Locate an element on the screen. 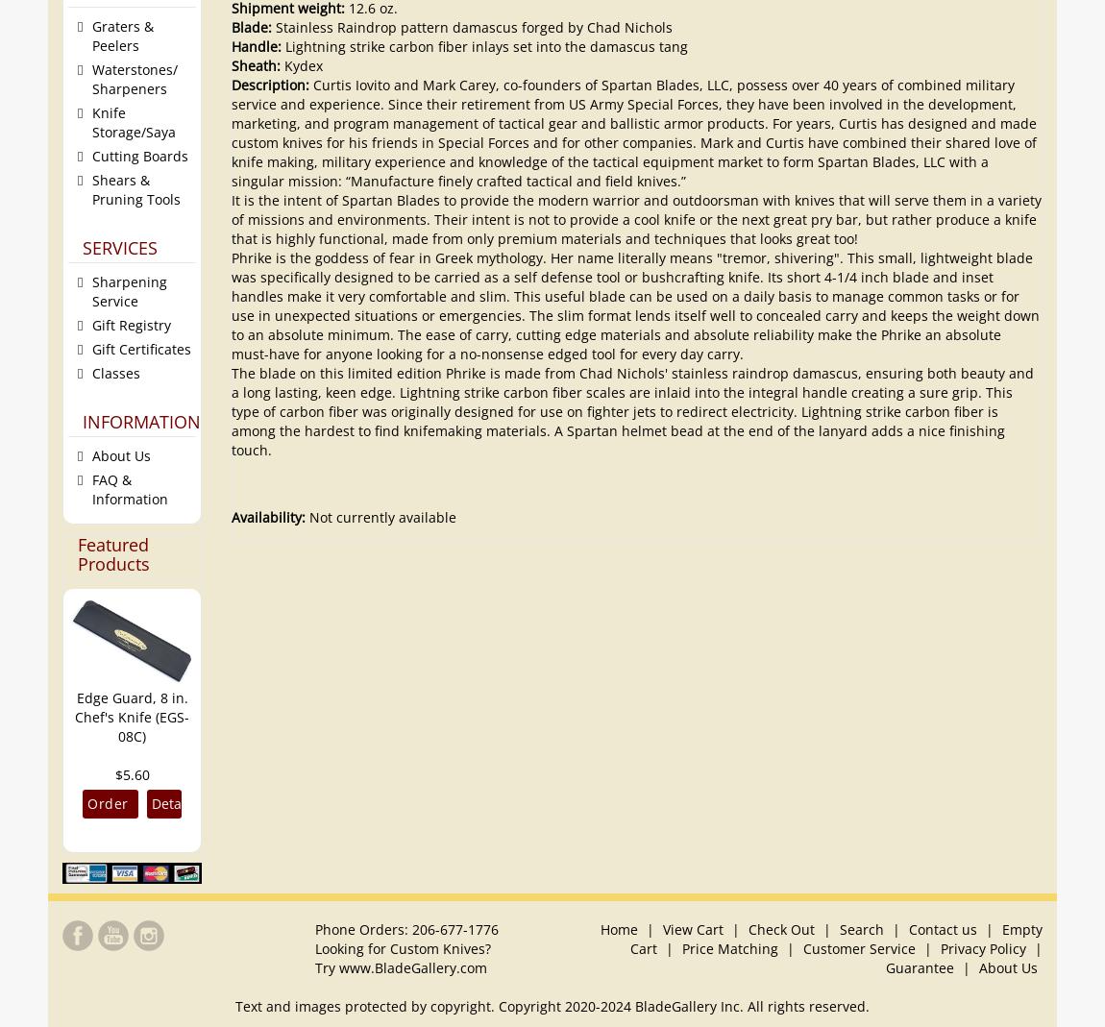 The image size is (1105, 1027). 'Contact us' is located at coordinates (943, 928).